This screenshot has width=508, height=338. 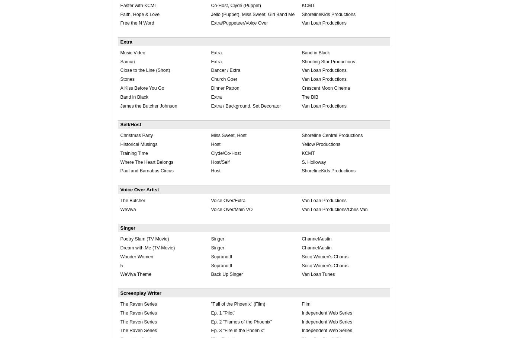 What do you see at coordinates (136, 23) in the screenshot?
I see `'Free the N Word'` at bounding box center [136, 23].